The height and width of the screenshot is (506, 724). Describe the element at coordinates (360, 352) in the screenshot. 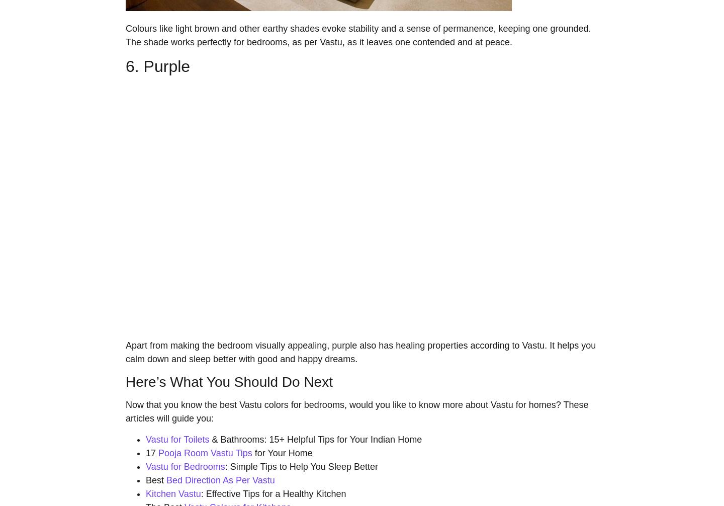

I see `'Apart from making the bedroom visually appealing, purple also has healing properties according to Vastu. It helps you calm down and sleep better with good and happy dreams.'` at that location.